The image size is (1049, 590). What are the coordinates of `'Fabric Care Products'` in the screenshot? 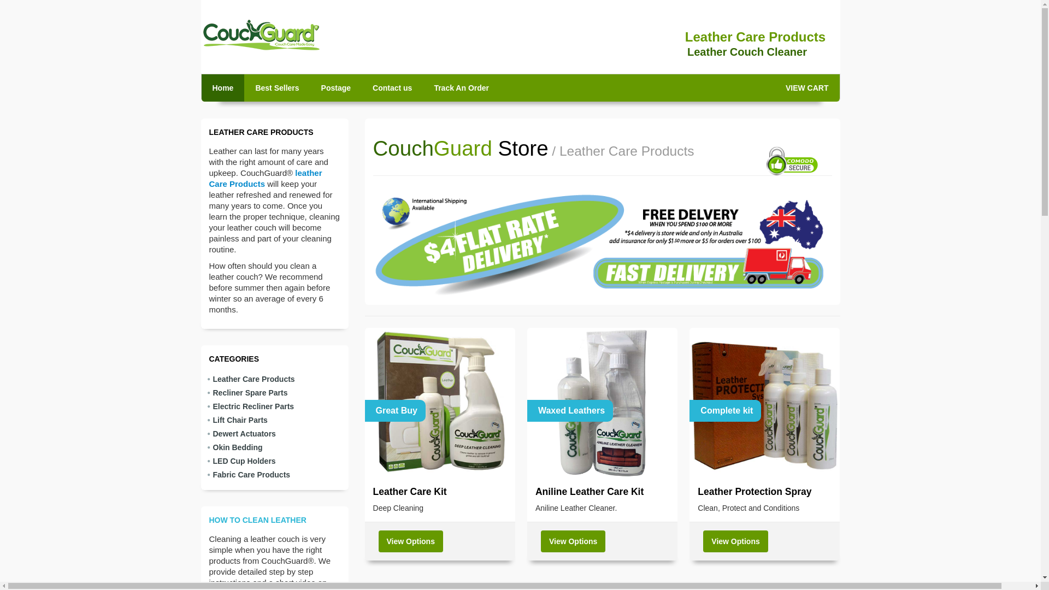 It's located at (278, 474).